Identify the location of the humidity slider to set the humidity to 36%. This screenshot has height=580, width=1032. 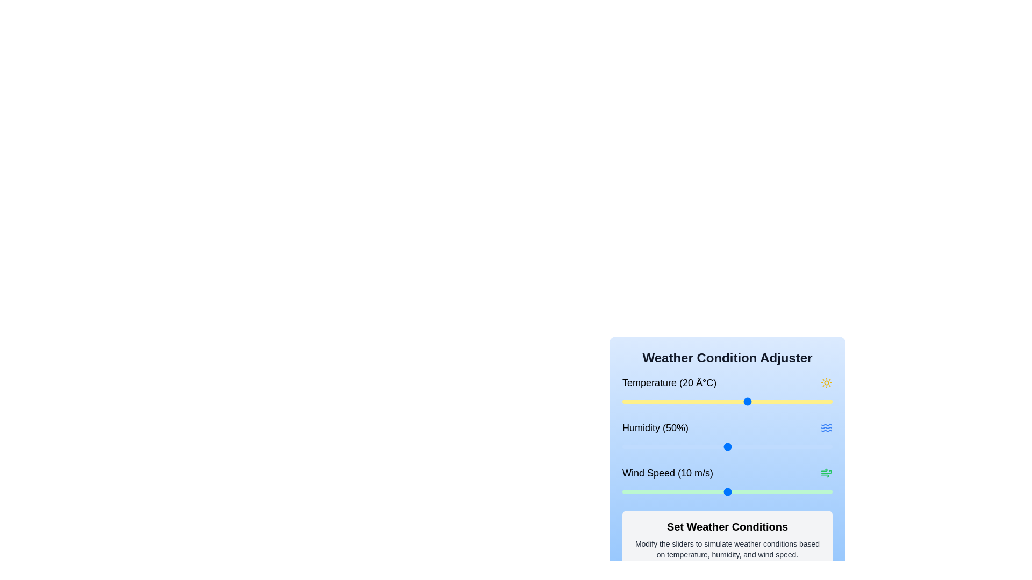
(698, 447).